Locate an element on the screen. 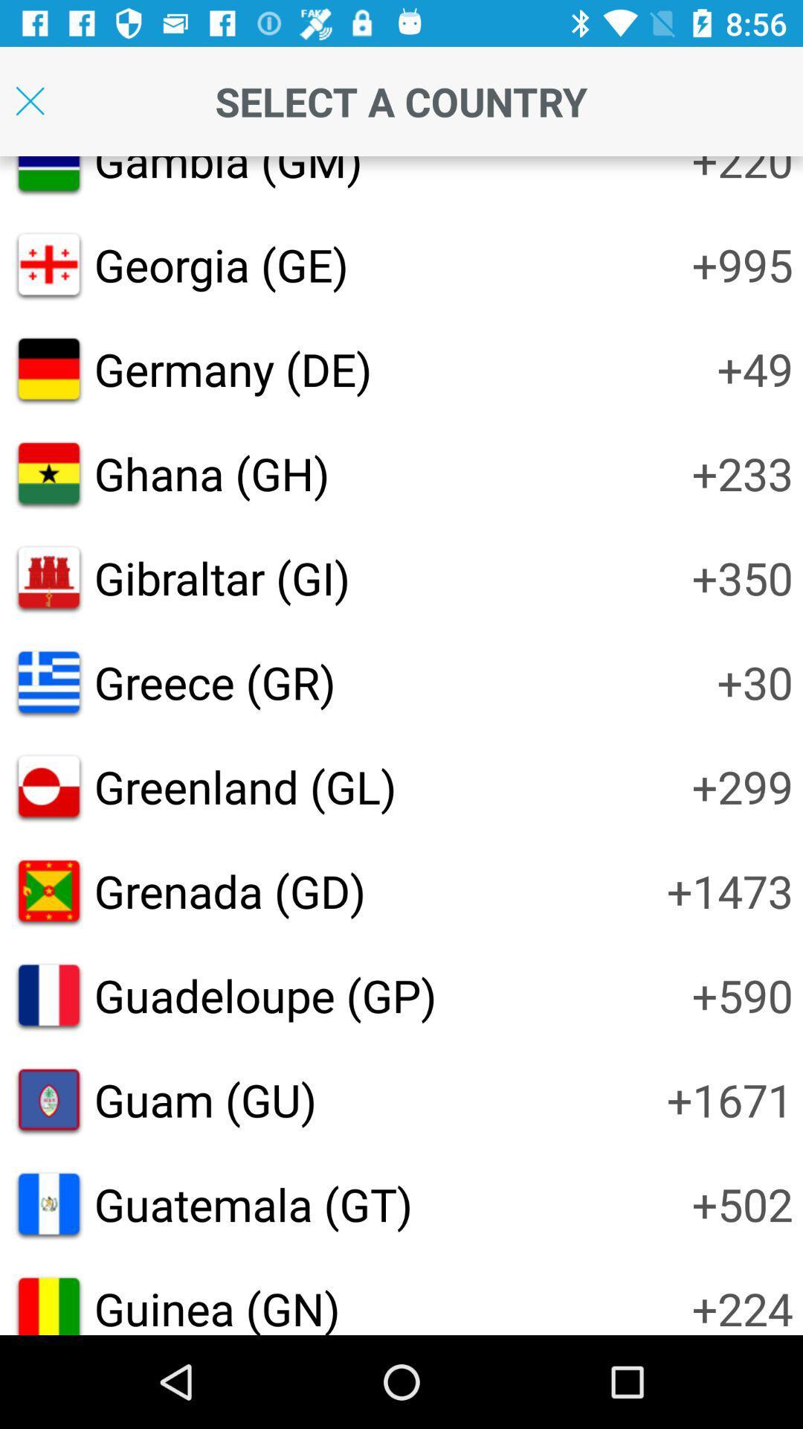 The image size is (803, 1429). the +220 item is located at coordinates (742, 173).